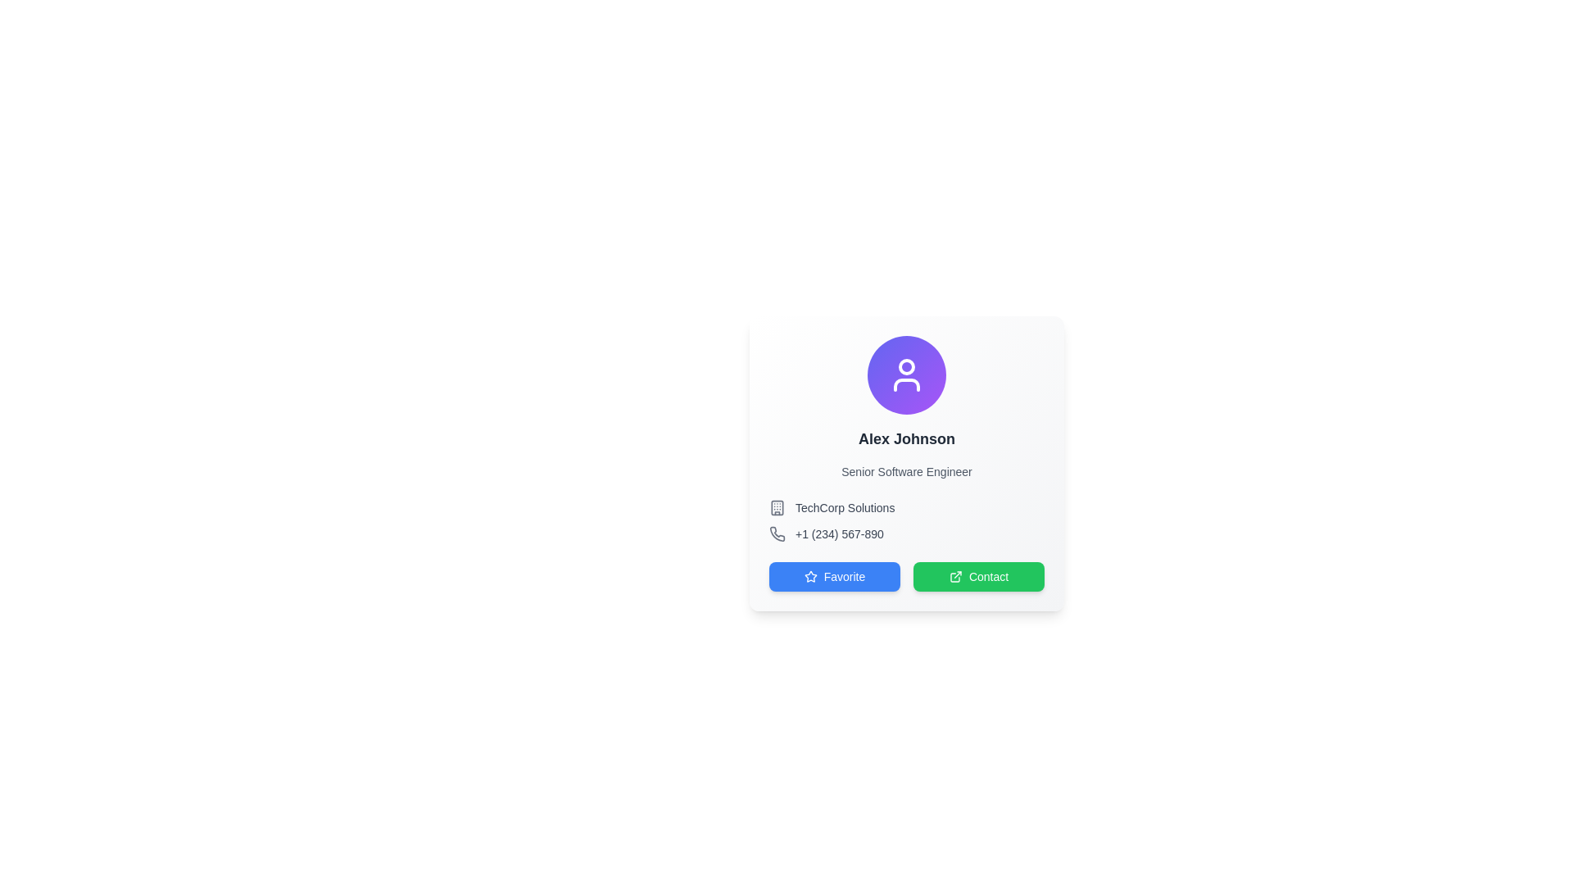 The height and width of the screenshot is (885, 1573). Describe the element at coordinates (906, 406) in the screenshot. I see `the Profile Header Section containing the user icon and the name 'Alex Johnson' for reading` at that location.